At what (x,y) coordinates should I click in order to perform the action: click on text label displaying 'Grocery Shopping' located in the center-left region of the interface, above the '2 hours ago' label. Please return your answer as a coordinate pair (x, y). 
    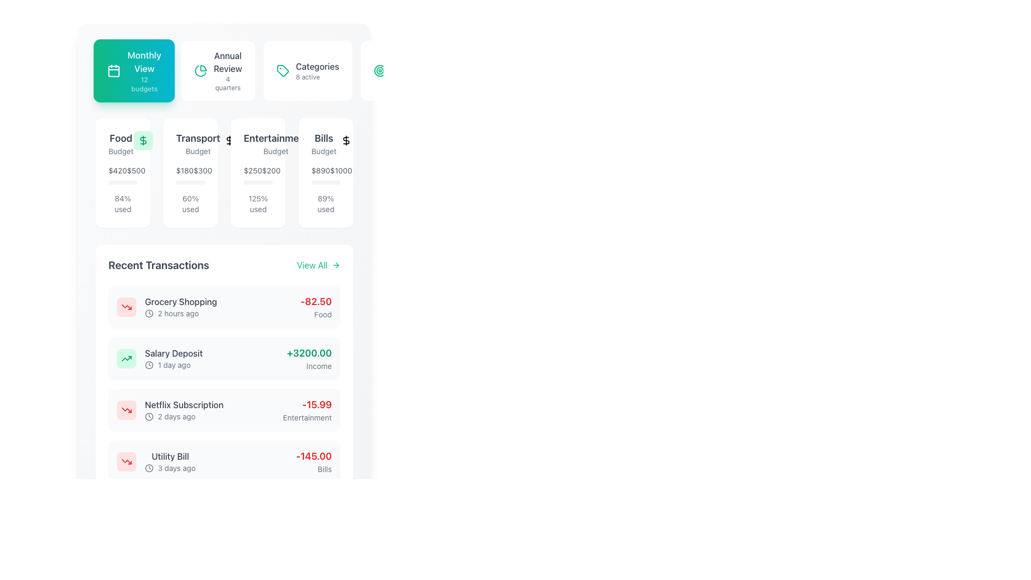
    Looking at the image, I should click on (181, 302).